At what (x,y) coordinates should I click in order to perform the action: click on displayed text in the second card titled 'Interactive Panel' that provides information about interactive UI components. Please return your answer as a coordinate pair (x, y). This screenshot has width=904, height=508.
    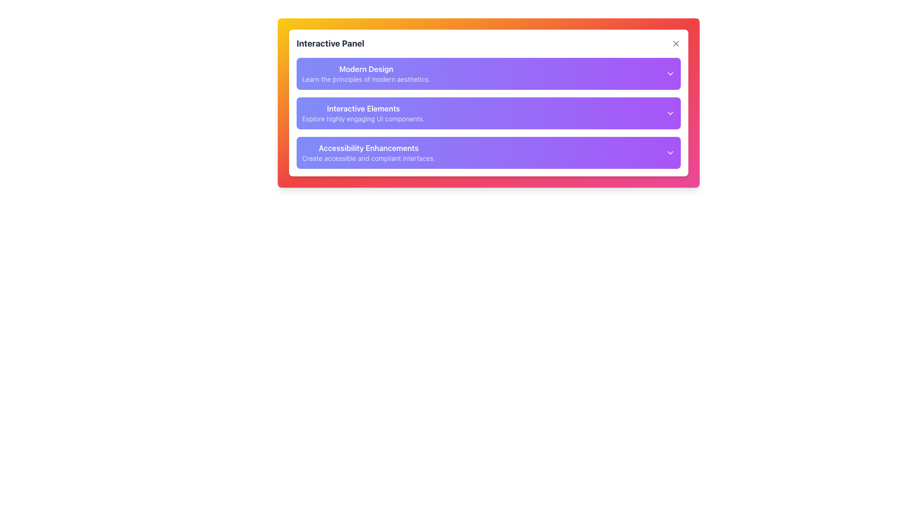
    Looking at the image, I should click on (363, 112).